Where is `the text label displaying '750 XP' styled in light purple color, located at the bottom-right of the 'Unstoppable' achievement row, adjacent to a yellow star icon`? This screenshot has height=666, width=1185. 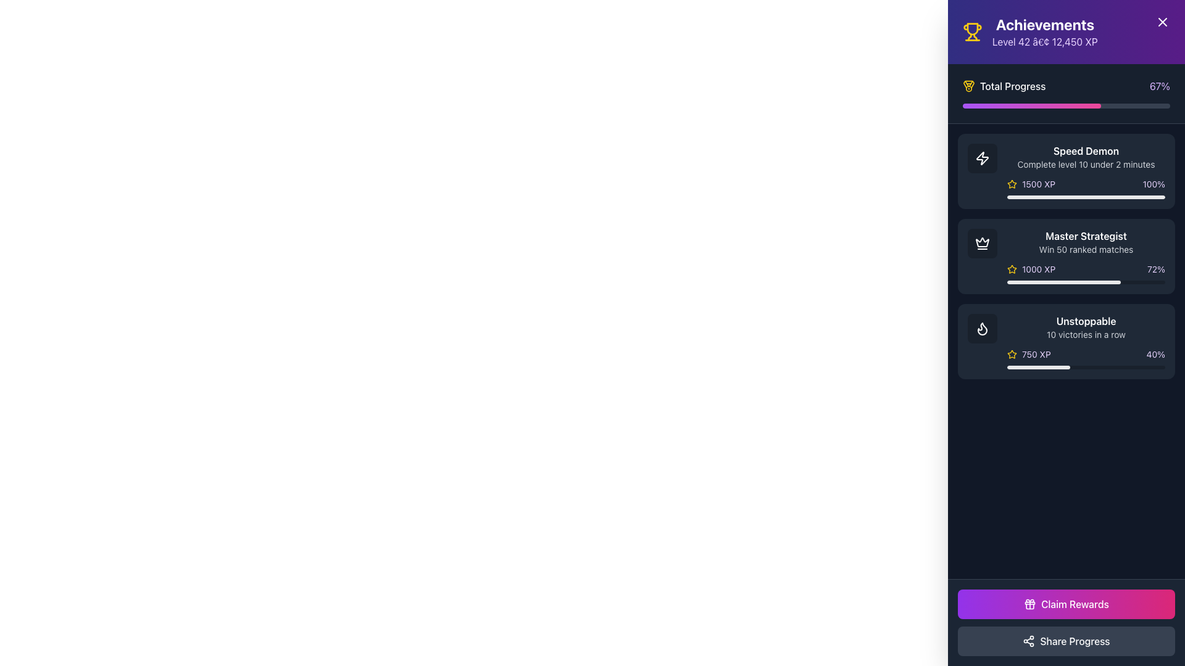
the text label displaying '750 XP' styled in light purple color, located at the bottom-right of the 'Unstoppable' achievement row, adjacent to a yellow star icon is located at coordinates (1036, 354).